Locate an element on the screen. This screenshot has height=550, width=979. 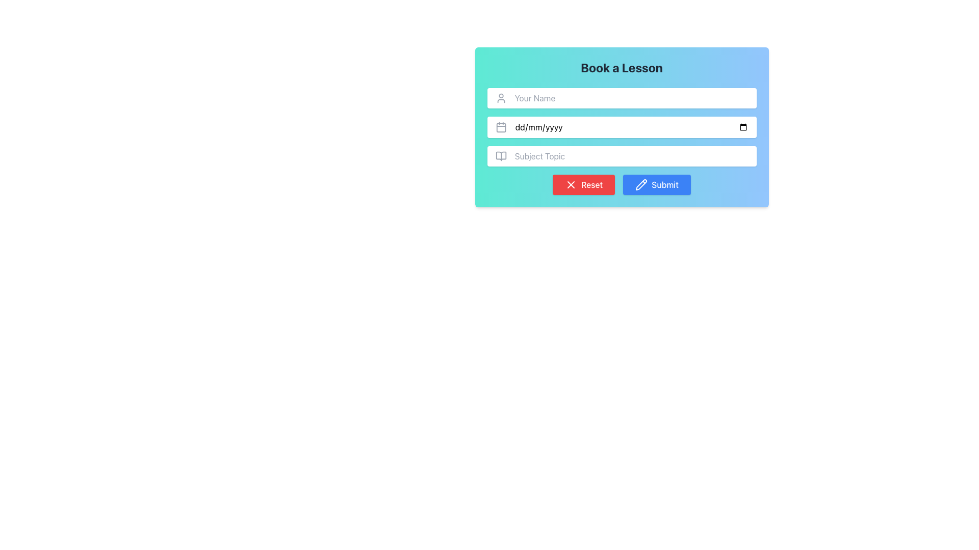
the pencil-shaped icon with a blue outline located within the 'Submit' button area at the bottom right of the form is located at coordinates (641, 184).